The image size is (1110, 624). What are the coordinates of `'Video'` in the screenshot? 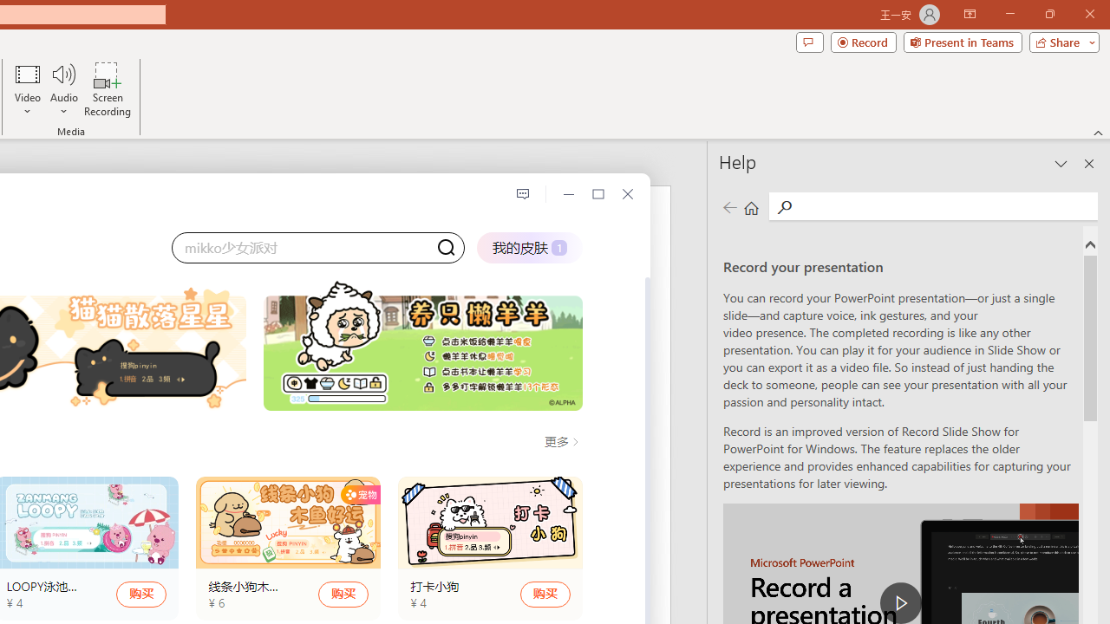 It's located at (28, 89).